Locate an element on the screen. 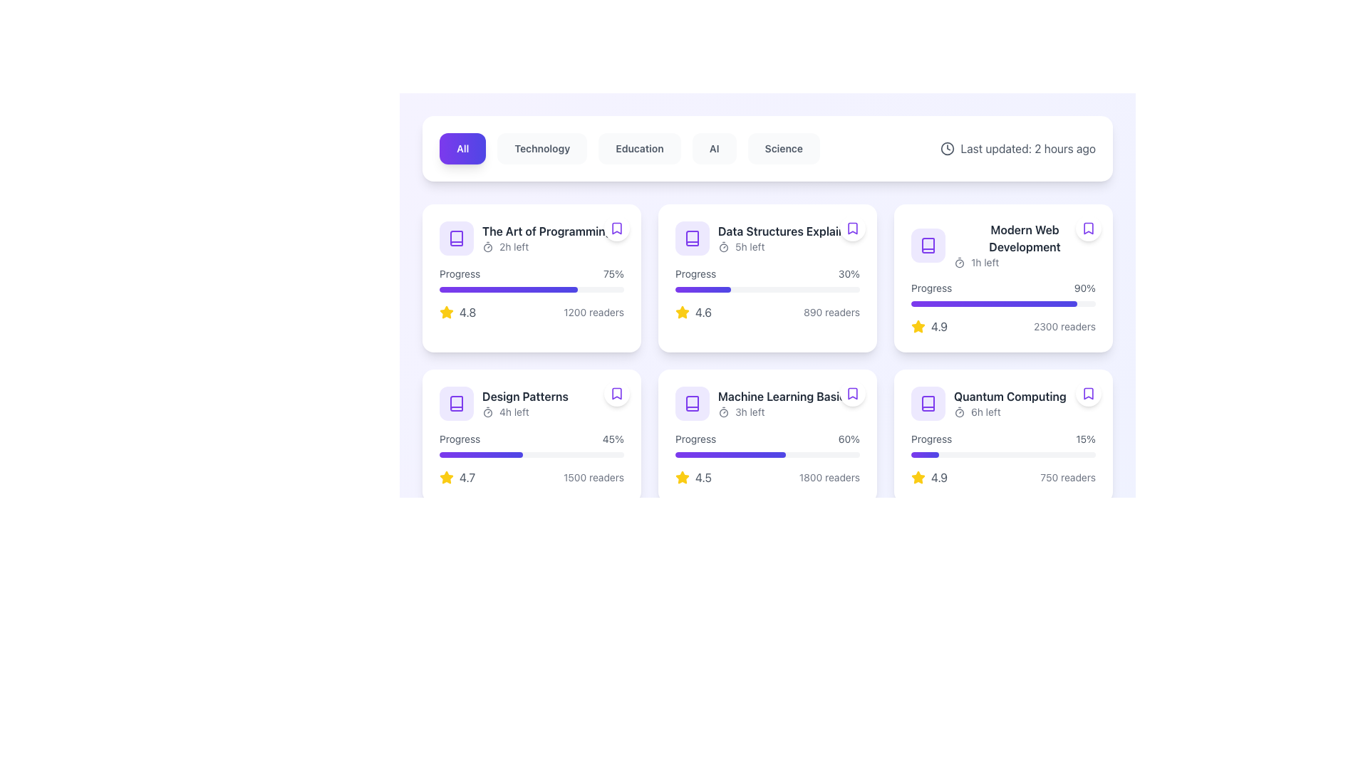 Image resolution: width=1368 pixels, height=769 pixels. displayed text from the informative label located in the third card of the first row, which provides the title of the content and the time remaining is located at coordinates (1024, 244).